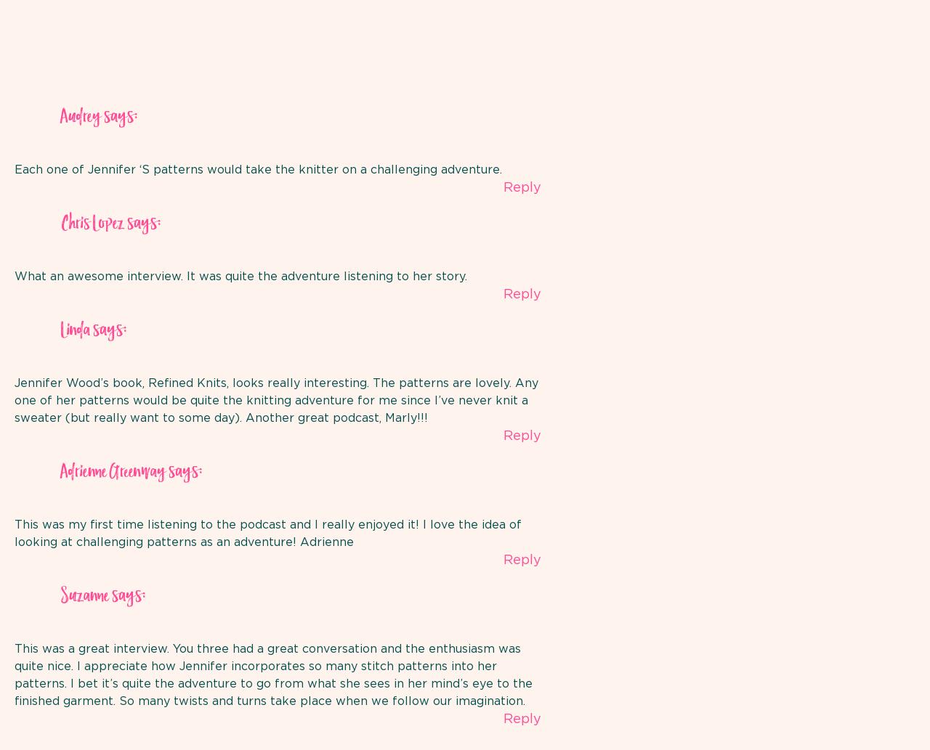 This screenshot has height=750, width=930. What do you see at coordinates (258, 168) in the screenshot?
I see `'Each one of Jennifer ‘S patterns would take the knitter on a challenging adventure.'` at bounding box center [258, 168].